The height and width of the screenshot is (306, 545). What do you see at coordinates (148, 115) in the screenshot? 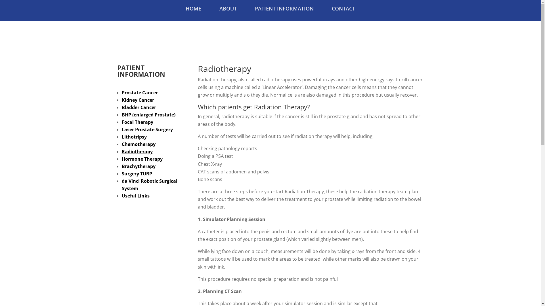
I see `'BHP (enlarged Prostate)'` at bounding box center [148, 115].